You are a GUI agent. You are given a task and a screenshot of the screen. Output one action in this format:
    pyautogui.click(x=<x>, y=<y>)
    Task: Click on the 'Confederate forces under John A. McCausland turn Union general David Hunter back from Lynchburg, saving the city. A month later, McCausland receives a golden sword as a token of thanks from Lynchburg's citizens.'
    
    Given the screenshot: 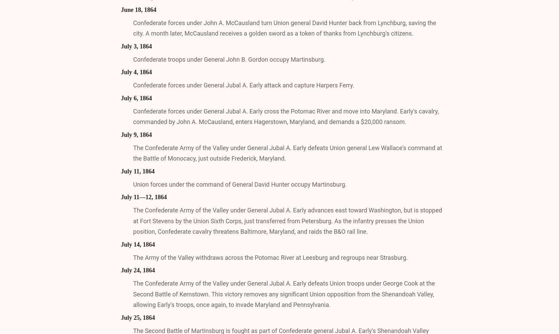 What is the action you would take?
    pyautogui.click(x=285, y=27)
    